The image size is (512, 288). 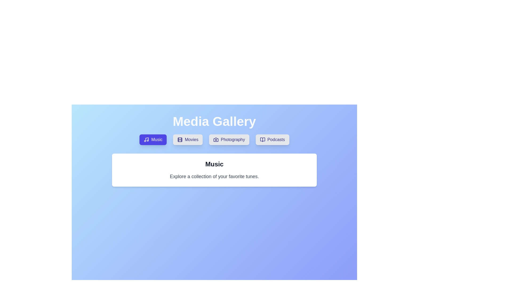 What do you see at coordinates (272, 139) in the screenshot?
I see `the Podcasts tab to observe its hover effect` at bounding box center [272, 139].